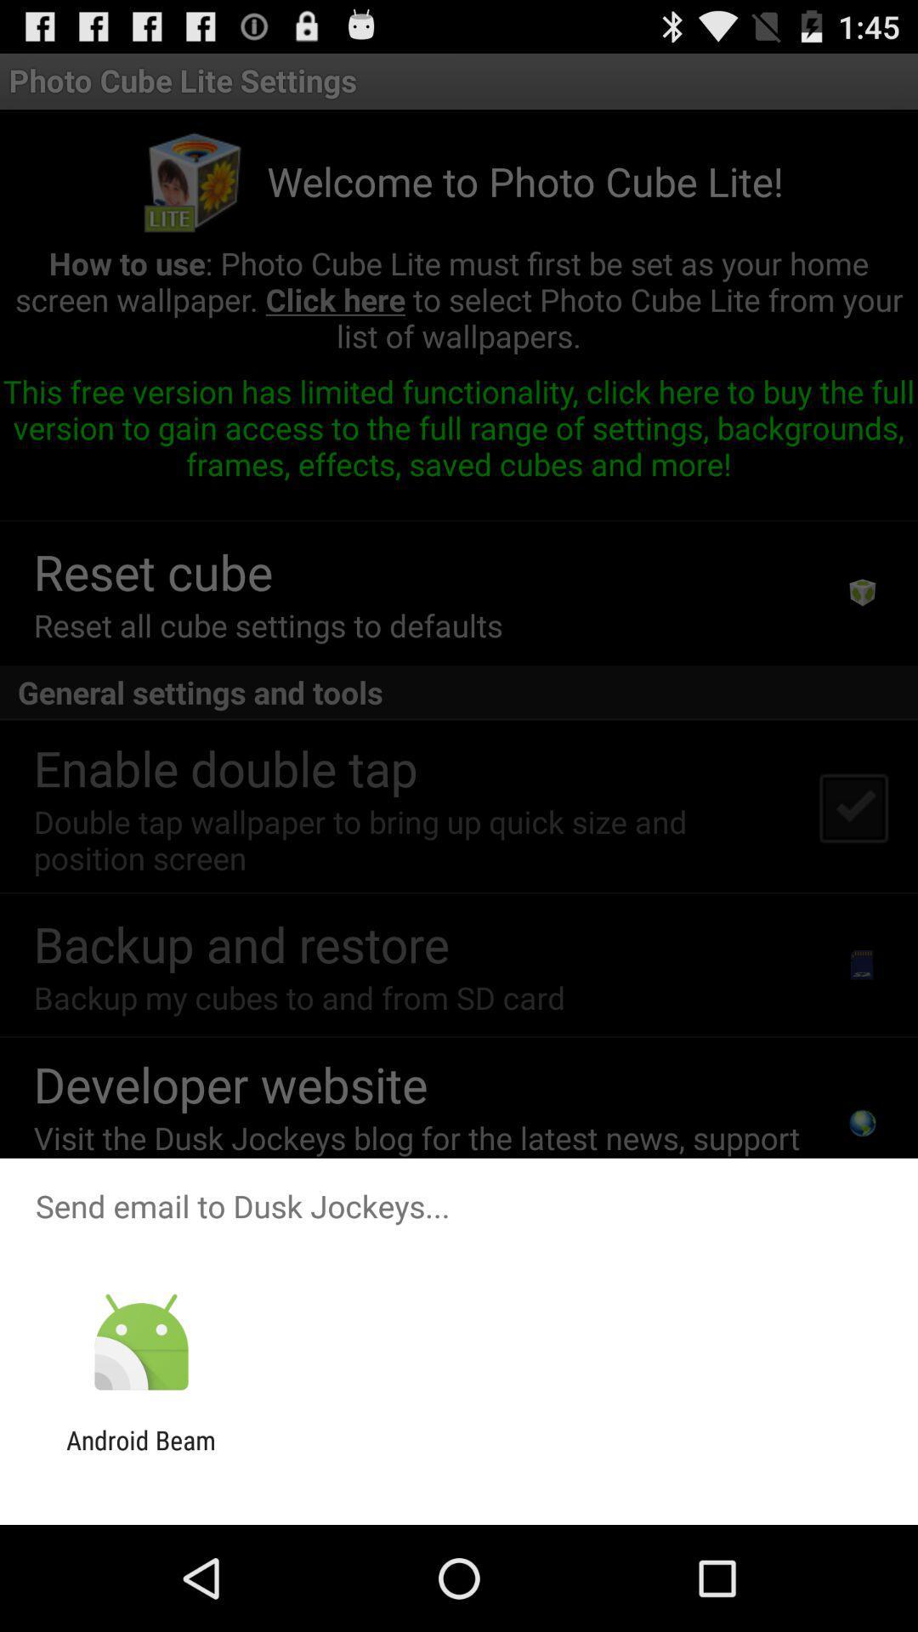 The width and height of the screenshot is (918, 1632). I want to click on android beam icon, so click(140, 1454).